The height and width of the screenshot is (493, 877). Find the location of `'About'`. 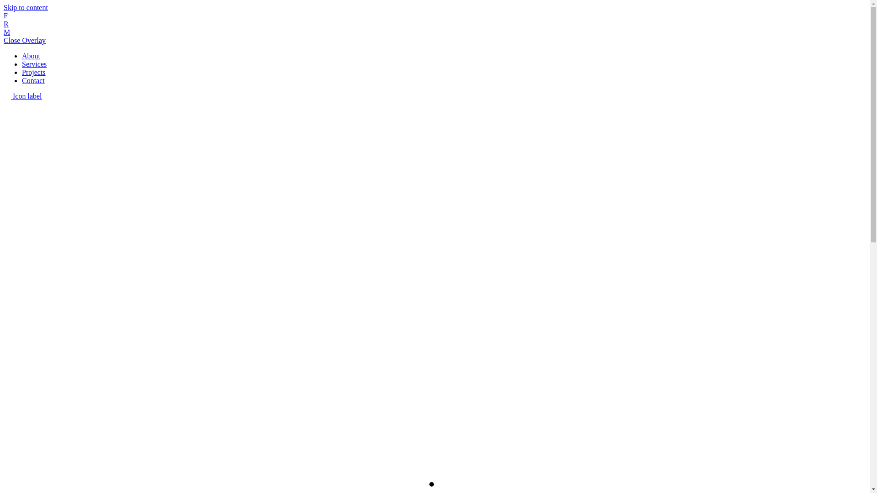

'About' is located at coordinates (22, 56).